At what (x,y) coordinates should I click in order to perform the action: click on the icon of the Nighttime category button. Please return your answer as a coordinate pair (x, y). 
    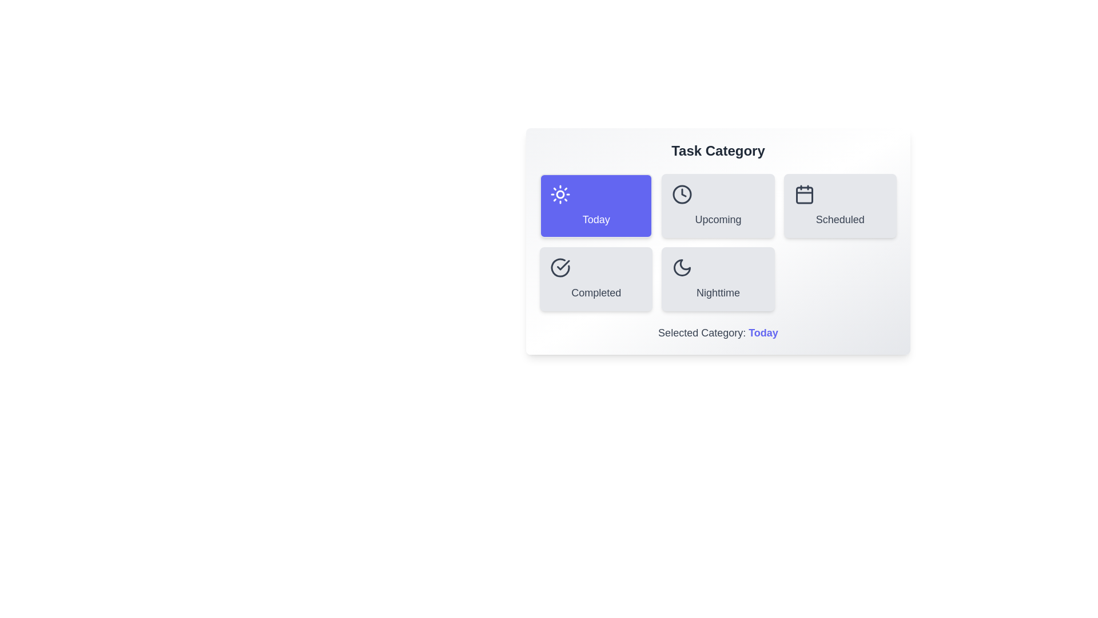
    Looking at the image, I should click on (682, 267).